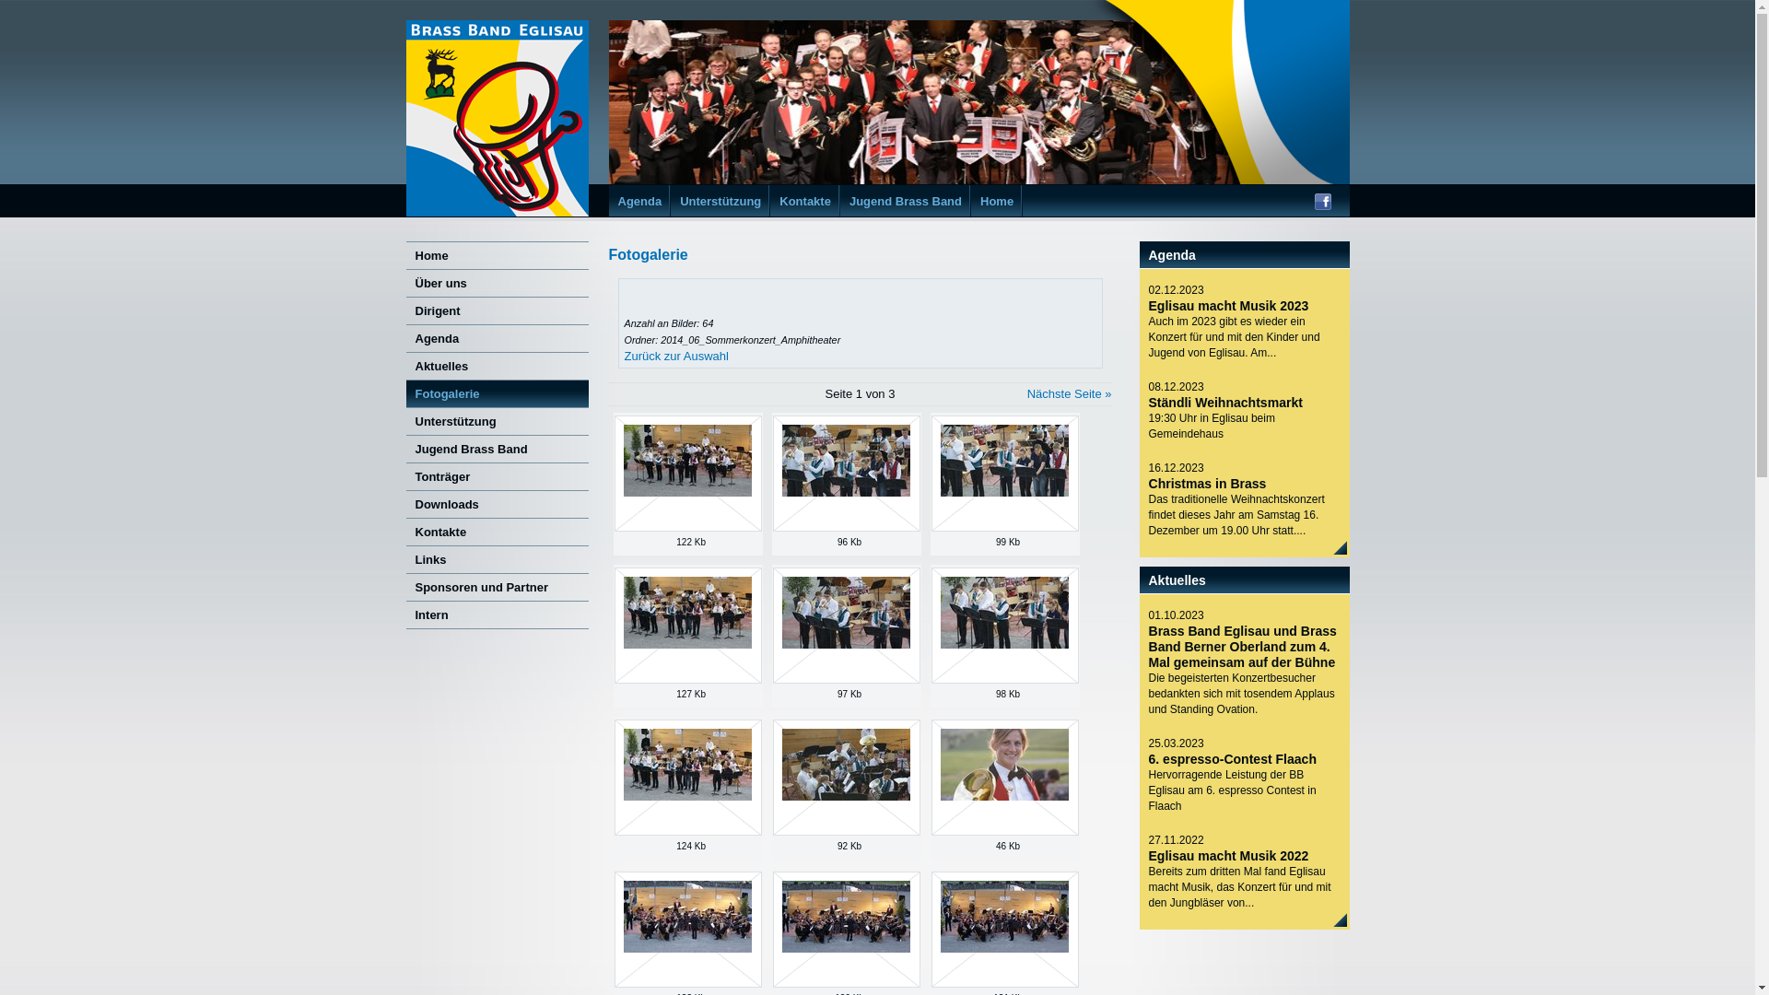 Image resolution: width=1769 pixels, height=995 pixels. What do you see at coordinates (496, 586) in the screenshot?
I see `'Sponsoren und Partner'` at bounding box center [496, 586].